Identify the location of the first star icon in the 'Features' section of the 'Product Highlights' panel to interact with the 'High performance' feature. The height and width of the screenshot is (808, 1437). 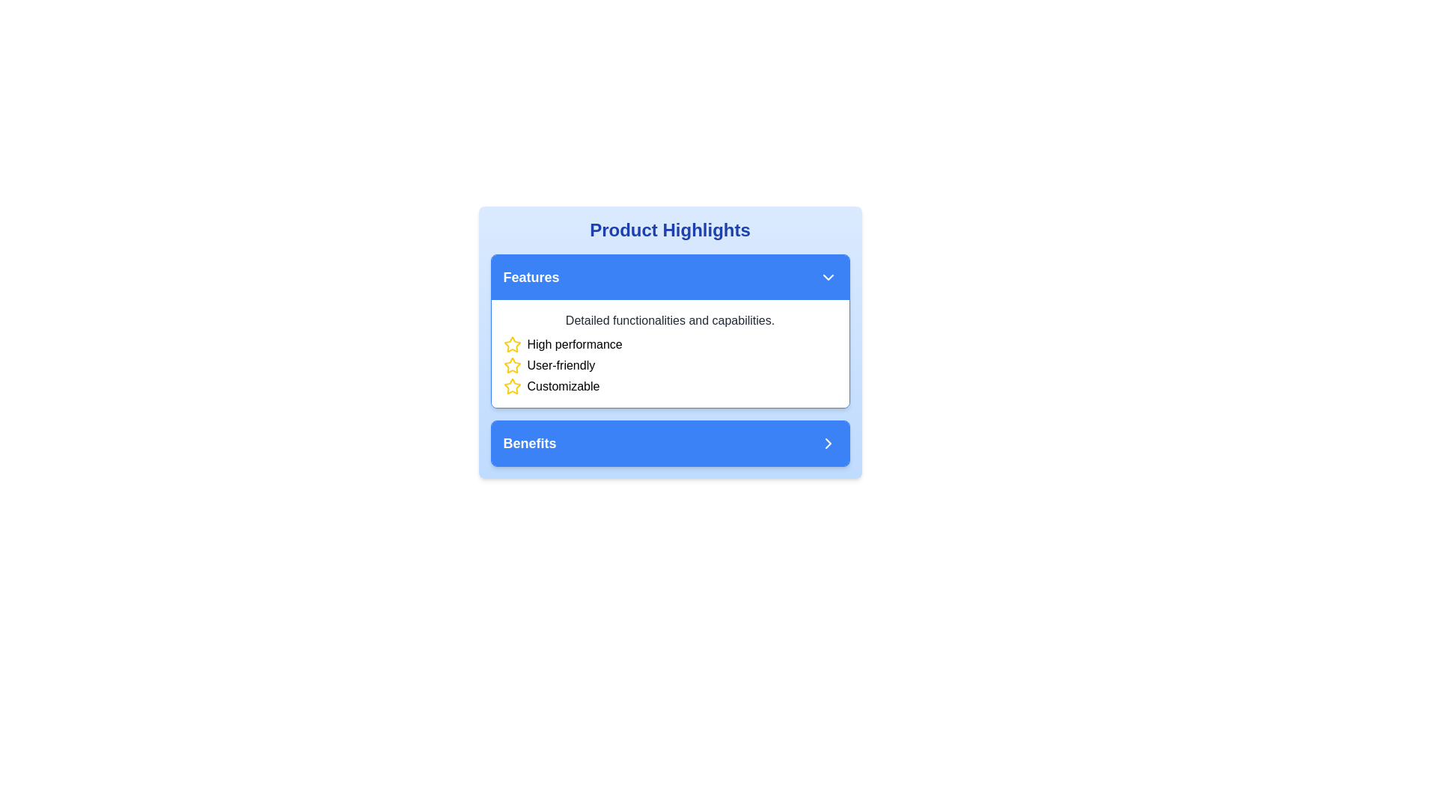
(512, 345).